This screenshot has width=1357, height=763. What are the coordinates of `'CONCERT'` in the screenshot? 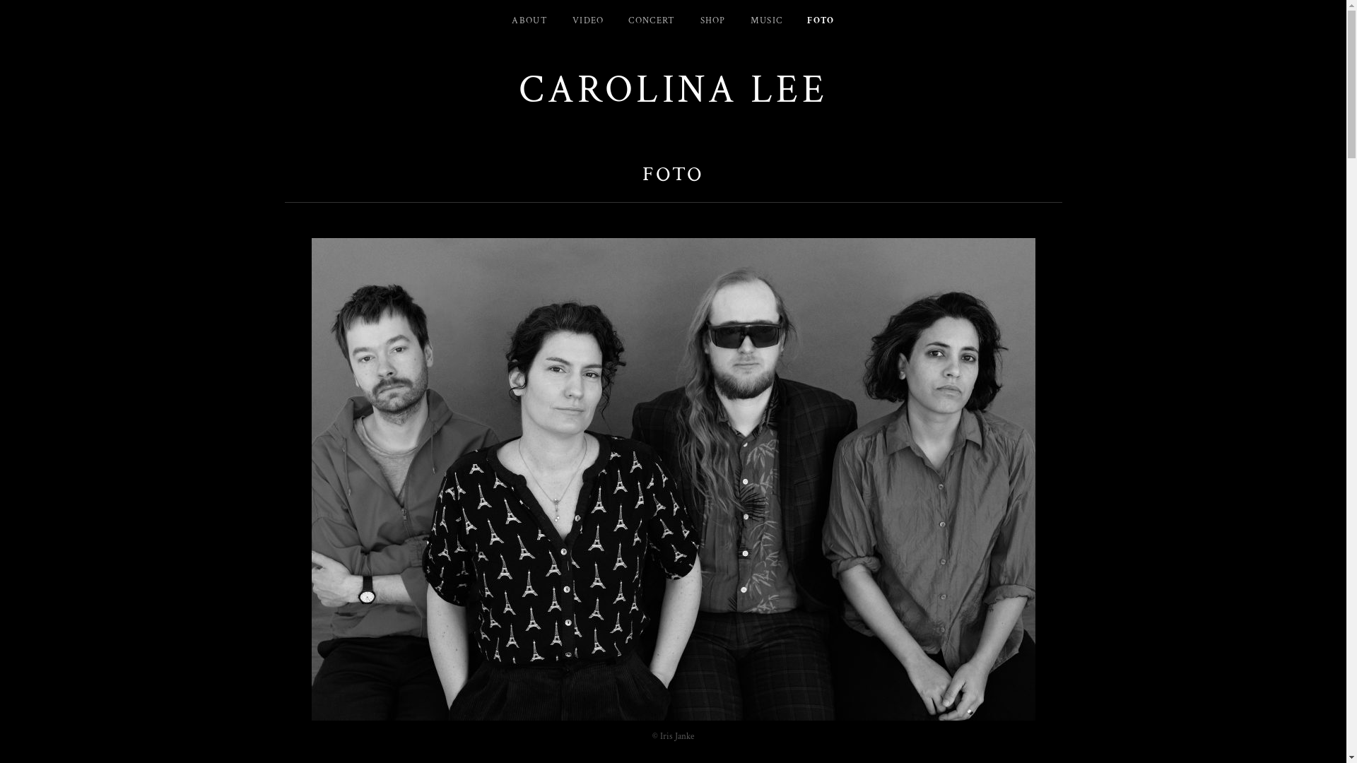 It's located at (650, 21).